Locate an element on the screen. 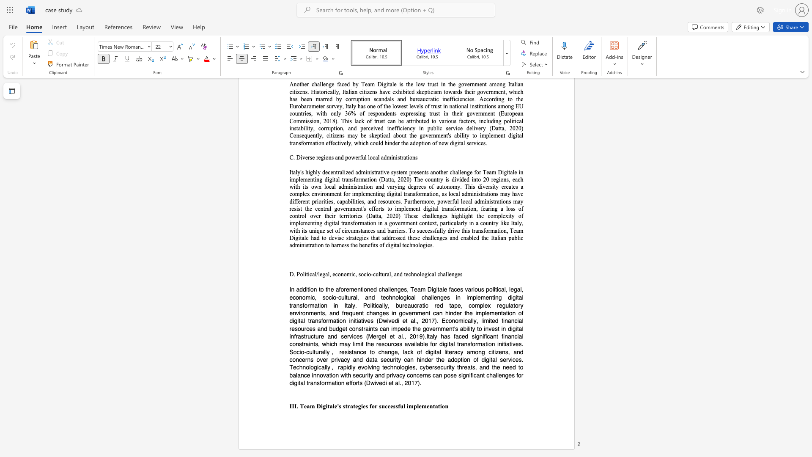 The width and height of the screenshot is (812, 457). the subset text "ies, cybersecurity threats, and the need to balance innovation with security and privacy concerns can pose sign" within the text "rapidly evolving technologies, cybersecurity threats, and the need to balance innovation with security and privacy concerns can pose significant" is located at coordinates (408, 367).